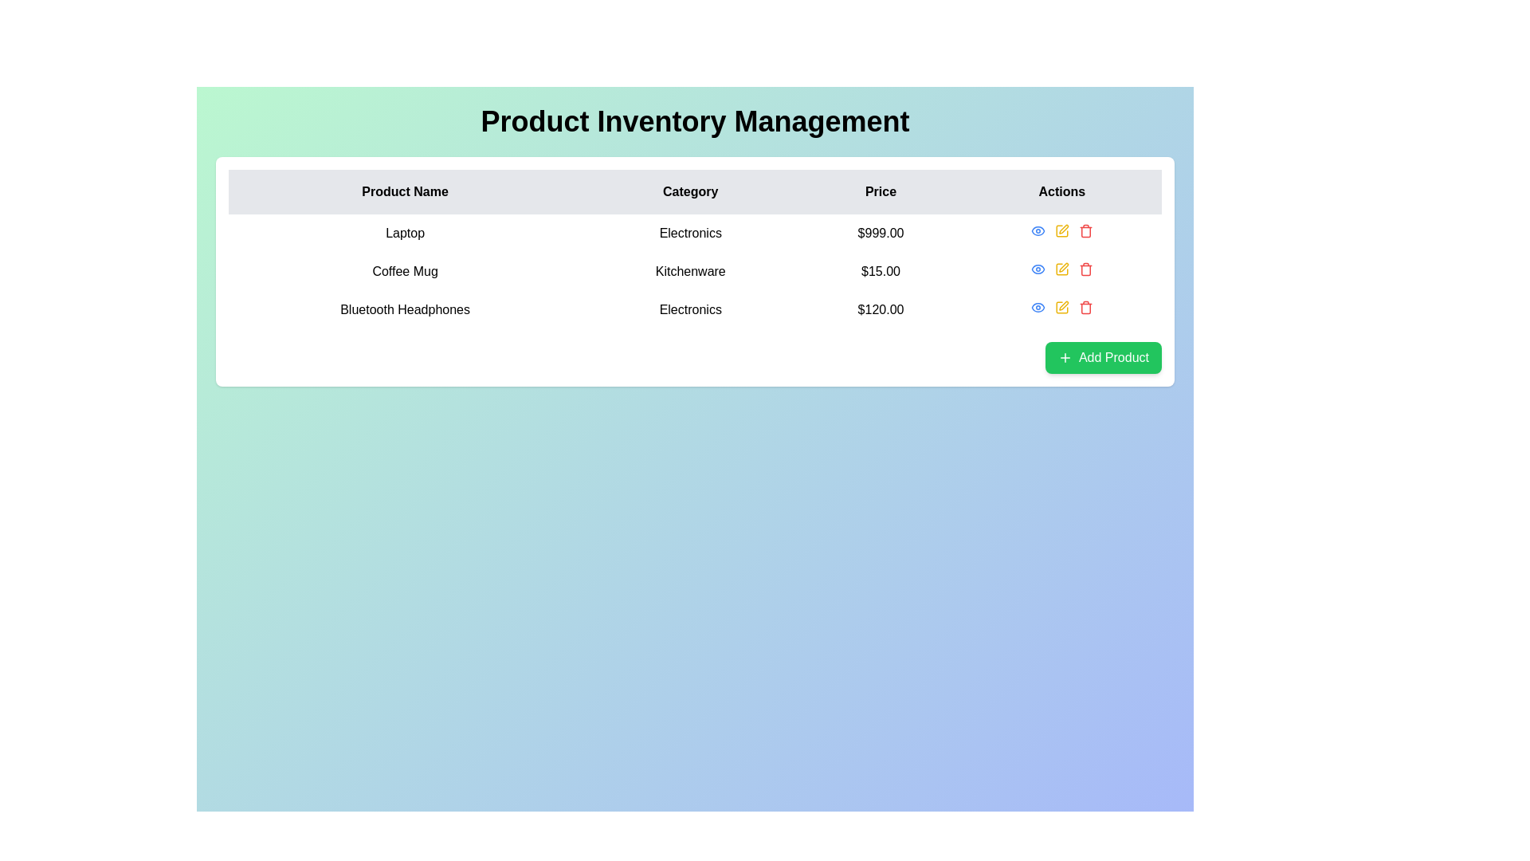 This screenshot has width=1530, height=861. What do you see at coordinates (695, 234) in the screenshot?
I see `information displayed in the first row of the table containing the product name 'Laptop', category 'Electronics', and price '$999.00'` at bounding box center [695, 234].